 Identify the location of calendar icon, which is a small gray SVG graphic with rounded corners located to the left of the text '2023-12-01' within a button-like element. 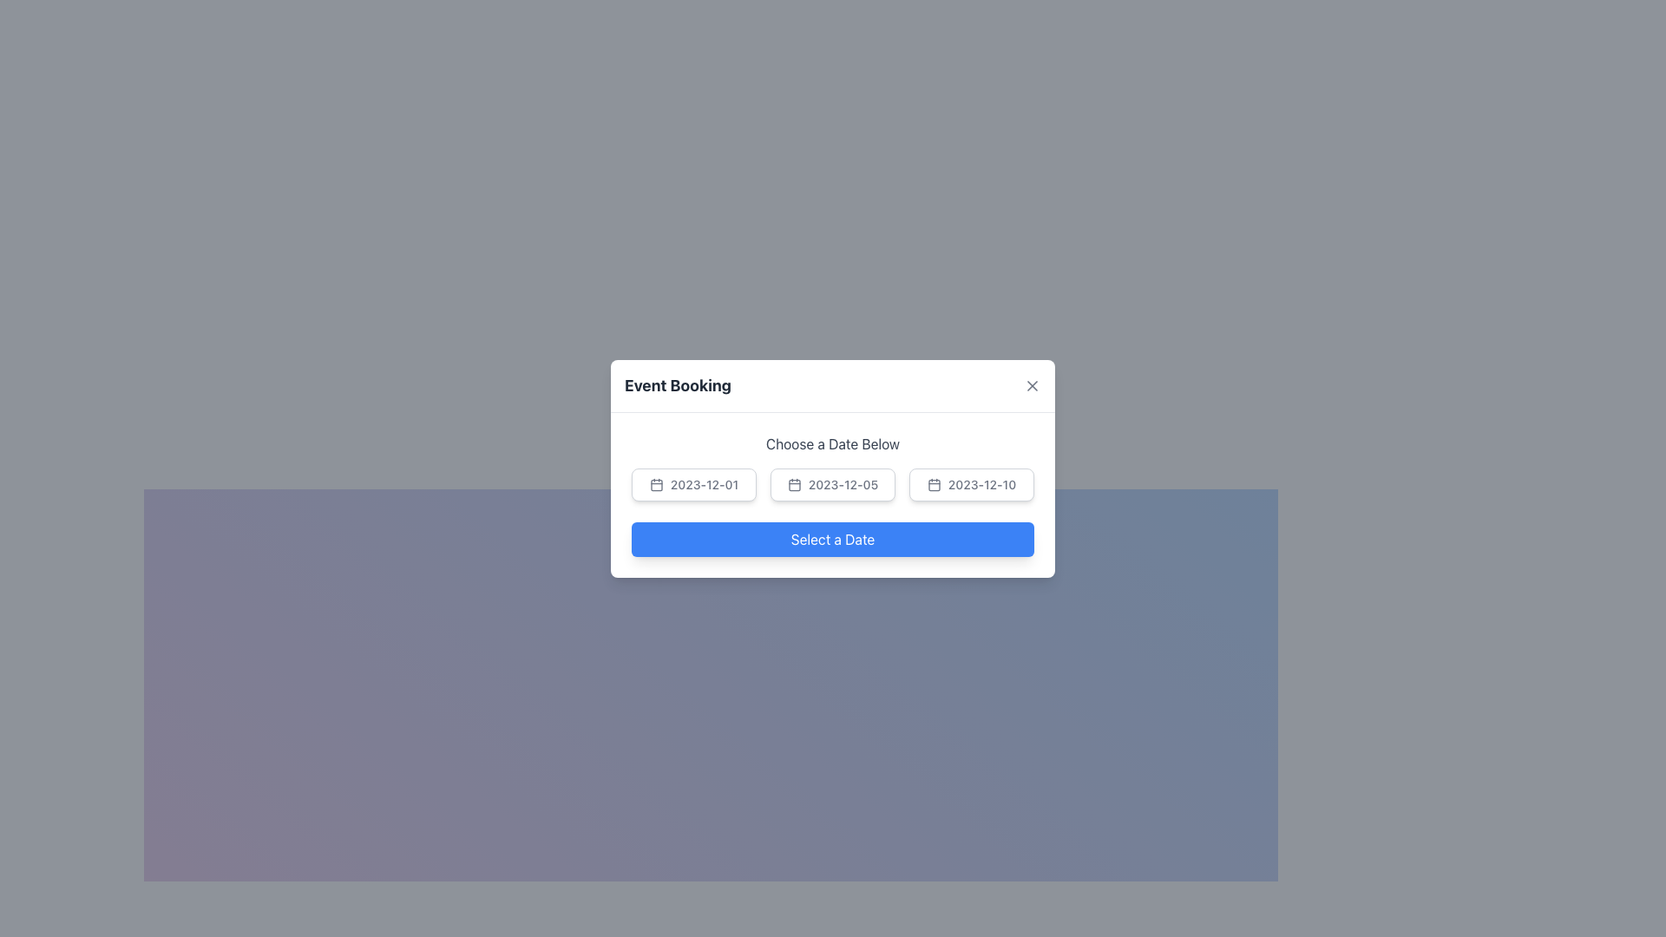
(655, 484).